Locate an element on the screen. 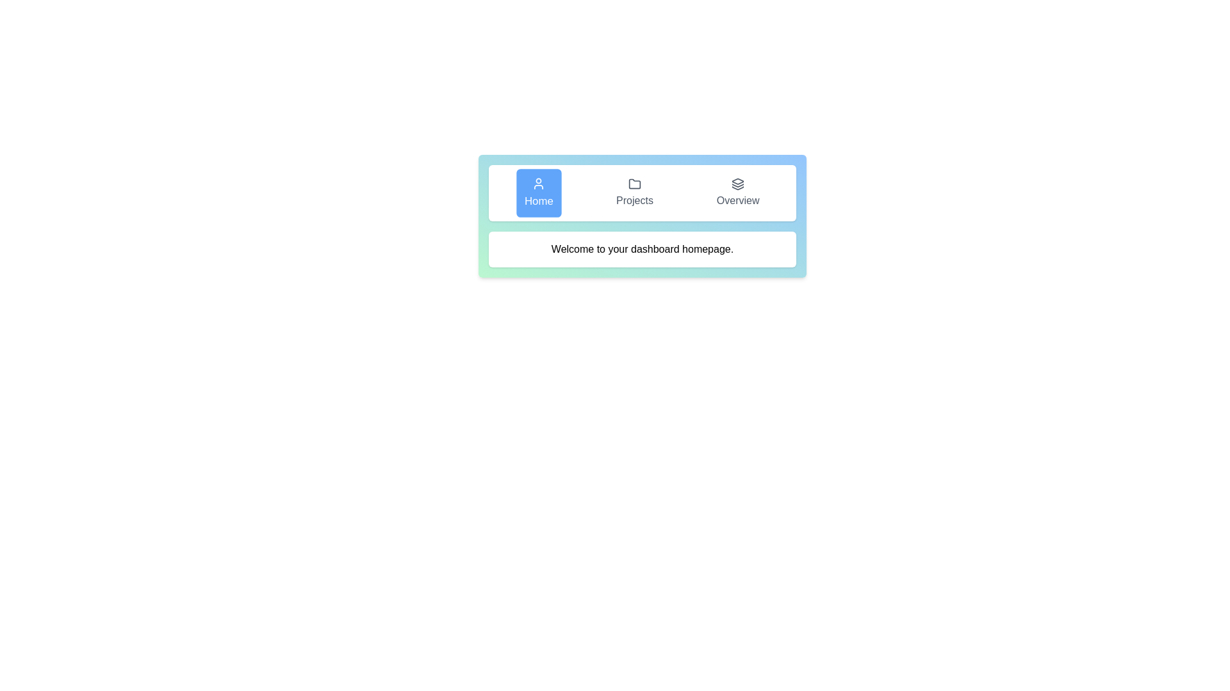 The height and width of the screenshot is (691, 1230). the 'Overview' icon in the navigation panel is located at coordinates (738, 184).